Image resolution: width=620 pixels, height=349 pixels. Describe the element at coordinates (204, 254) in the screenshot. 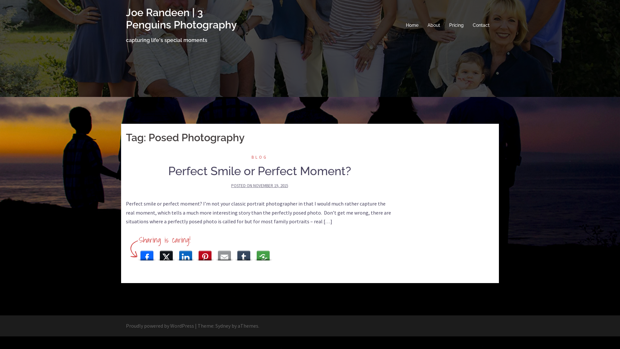

I see `'Pinterest'` at that location.